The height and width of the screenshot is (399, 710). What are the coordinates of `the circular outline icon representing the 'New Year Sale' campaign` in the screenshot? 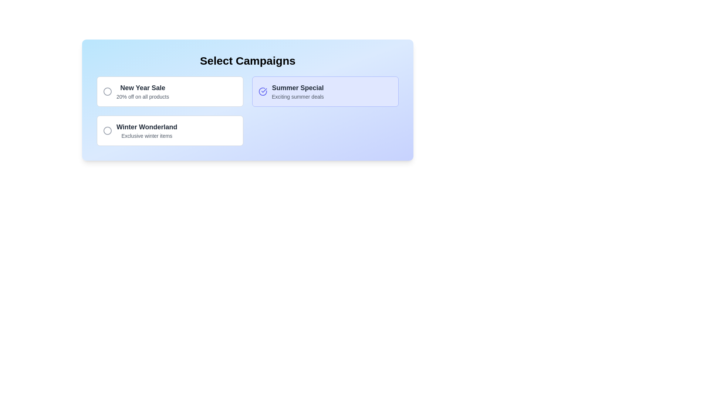 It's located at (107, 91).